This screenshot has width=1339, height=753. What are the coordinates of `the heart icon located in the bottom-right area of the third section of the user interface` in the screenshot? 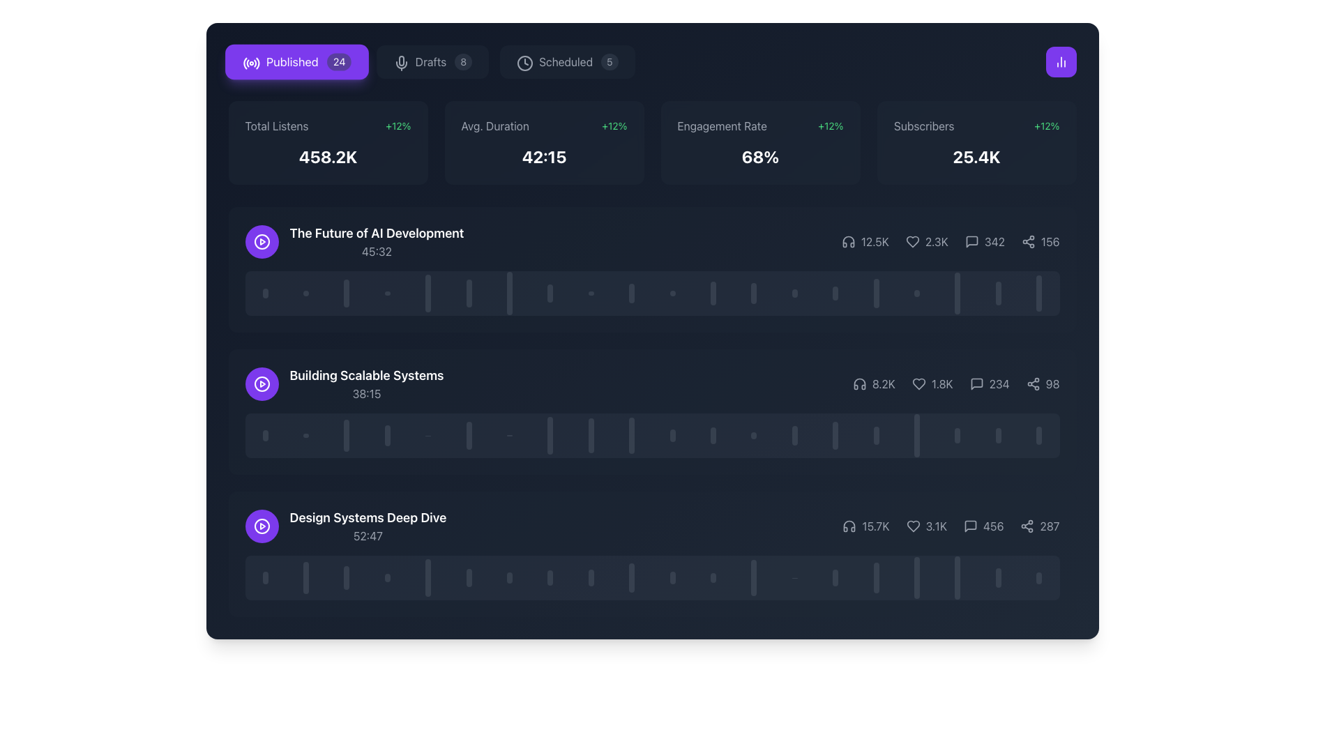 It's located at (913, 526).